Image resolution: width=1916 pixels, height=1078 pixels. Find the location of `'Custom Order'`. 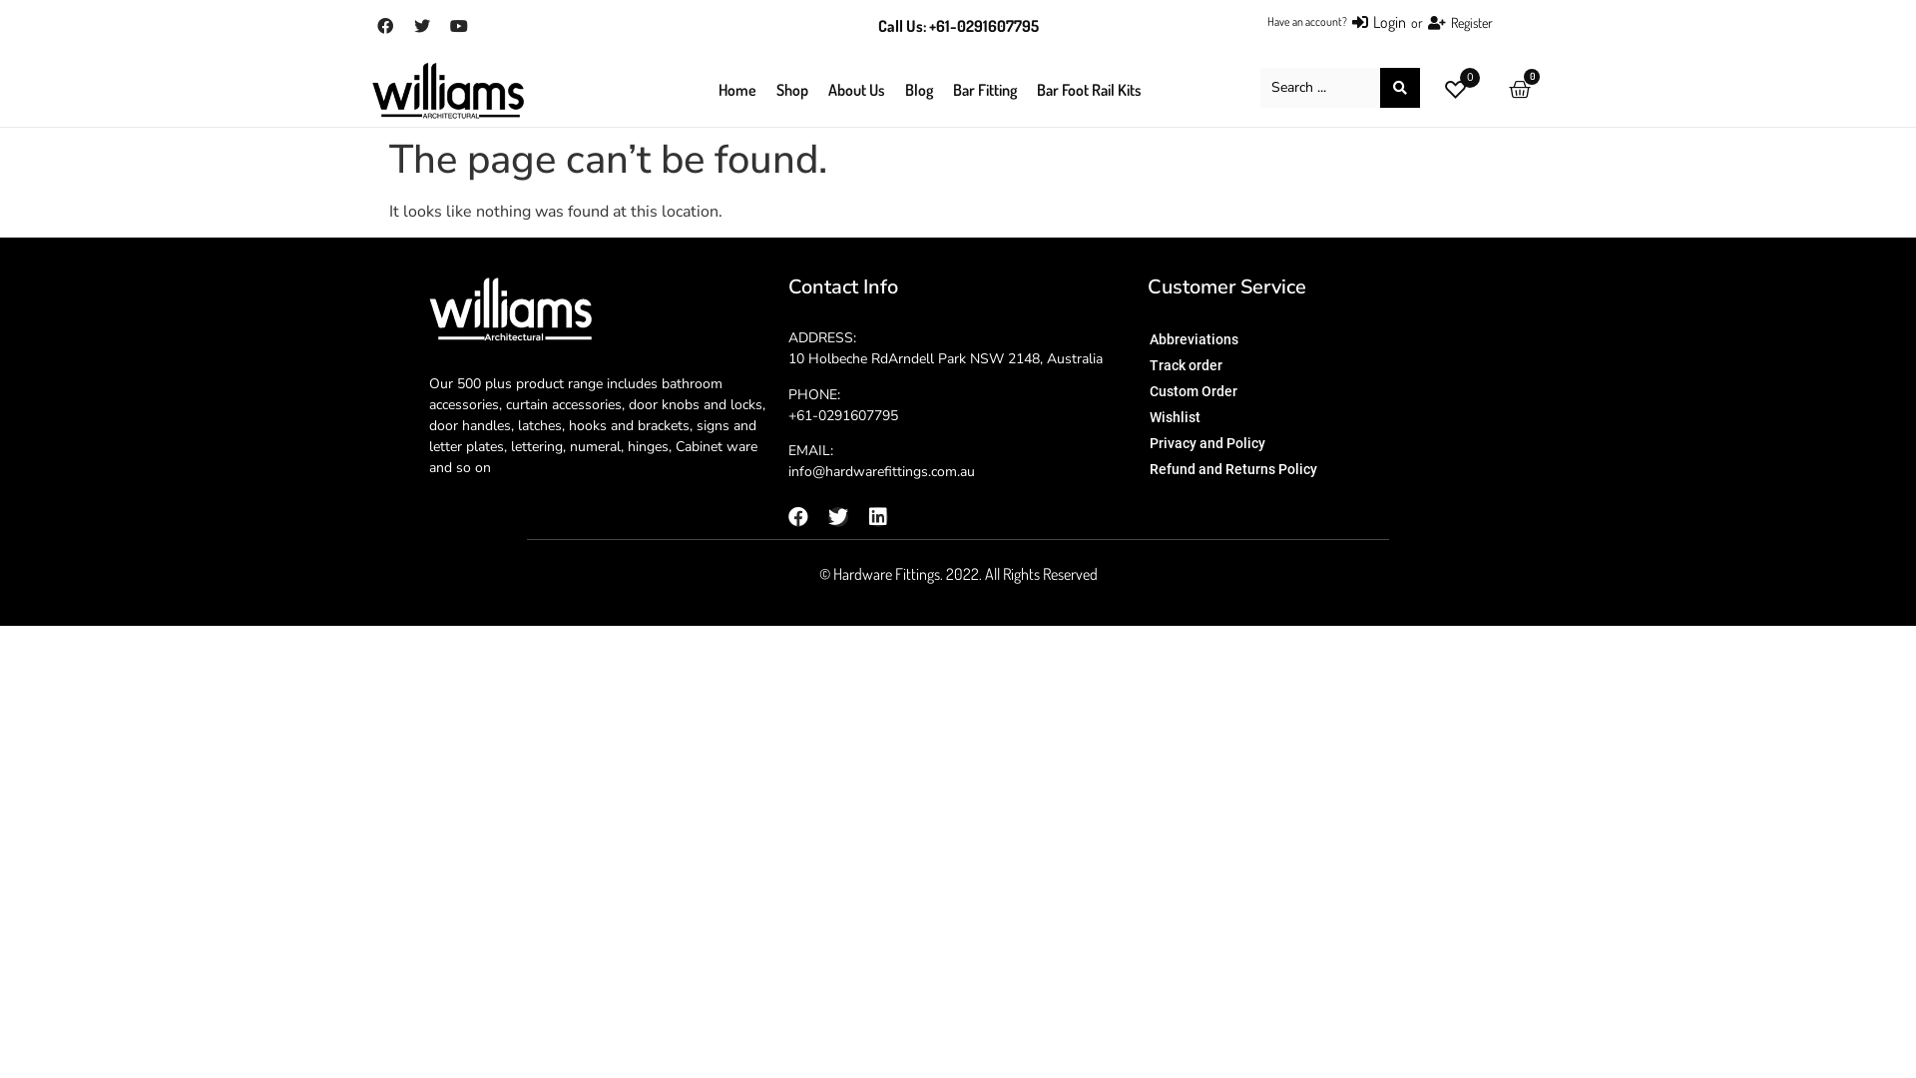

'Custom Order' is located at coordinates (1271, 391).